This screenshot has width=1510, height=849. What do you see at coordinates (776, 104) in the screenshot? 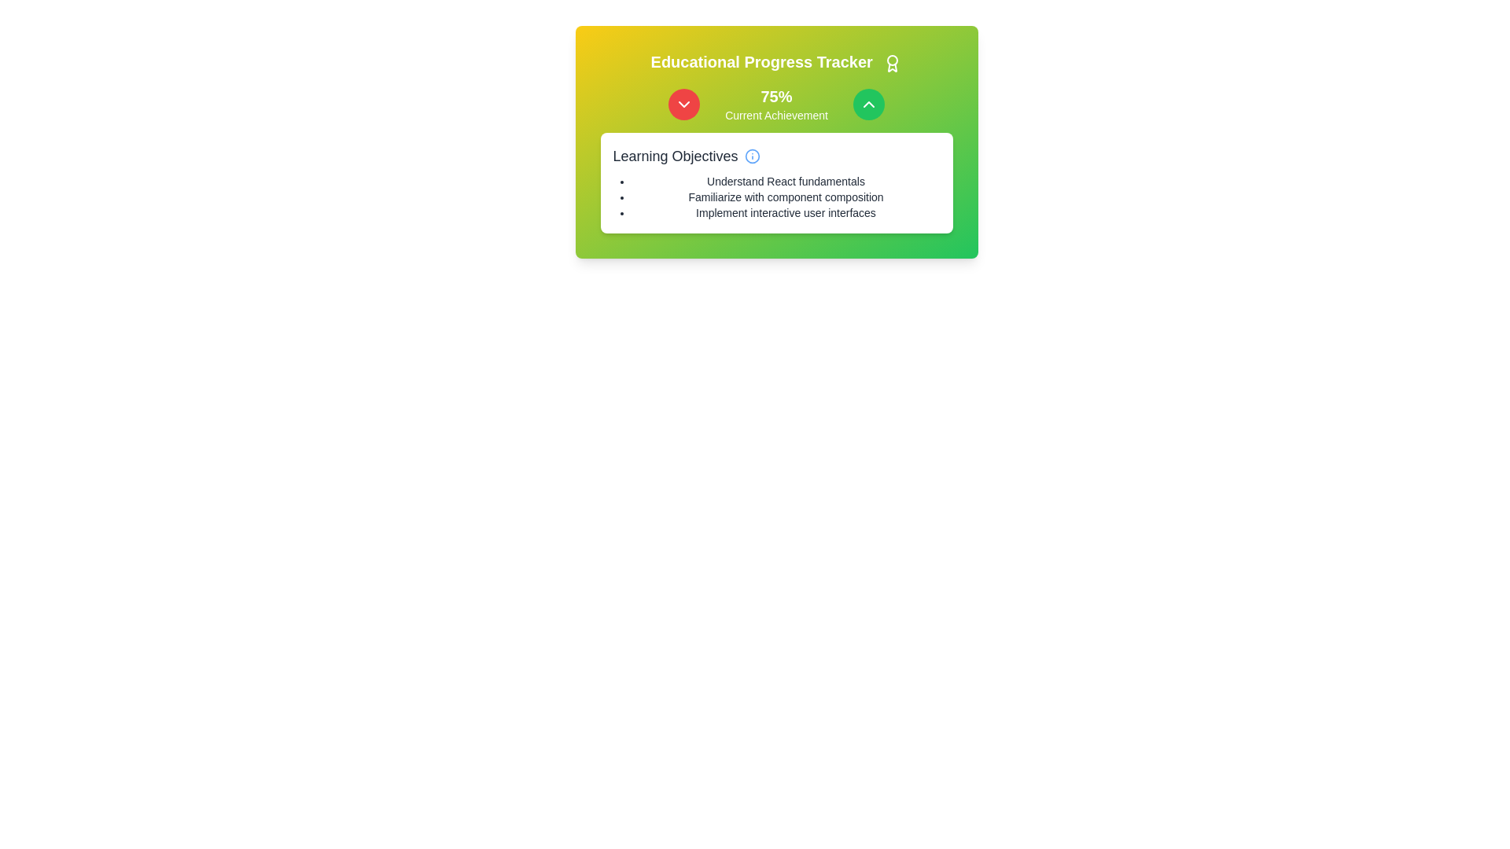
I see `the Information Display that shows a percentage (75%) and the subtitle 'Current Achievement', situated centrally in the 'Educational Progress Tracker' section` at bounding box center [776, 104].